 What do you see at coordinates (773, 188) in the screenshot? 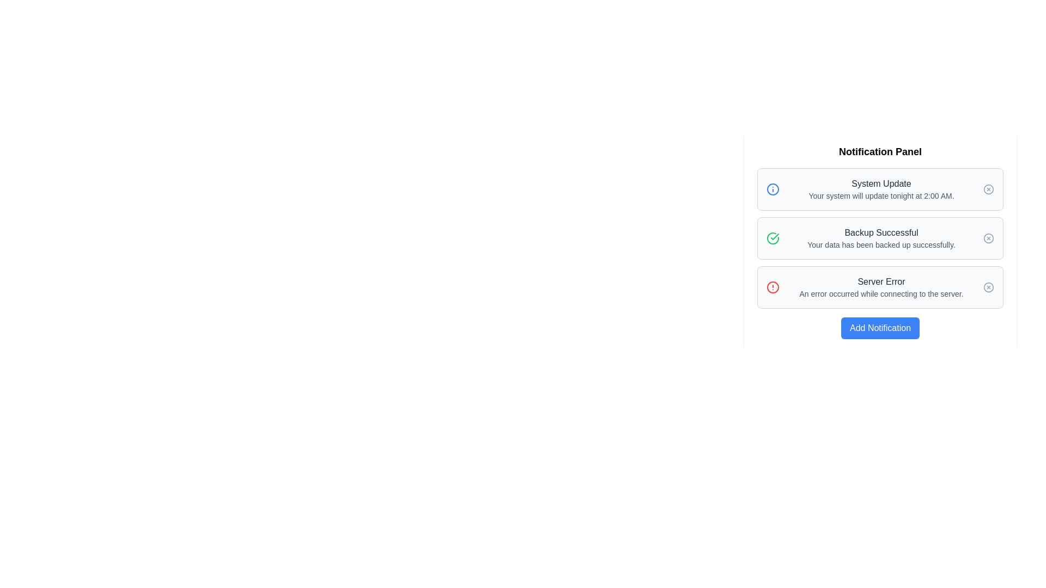
I see `the vector graphic circle that symbolizes an informational or notification status, located near the top-left corner of the system update notification entry` at bounding box center [773, 188].